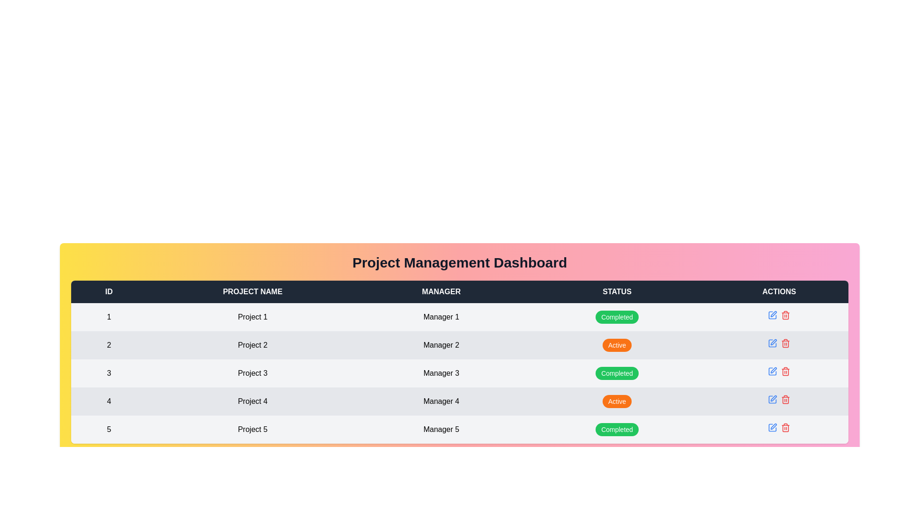 The image size is (899, 506). I want to click on the blue-colored edit icon button resembling a pencil located in the 'Actions' column of the third row in the table to initiate editing, so click(773, 371).